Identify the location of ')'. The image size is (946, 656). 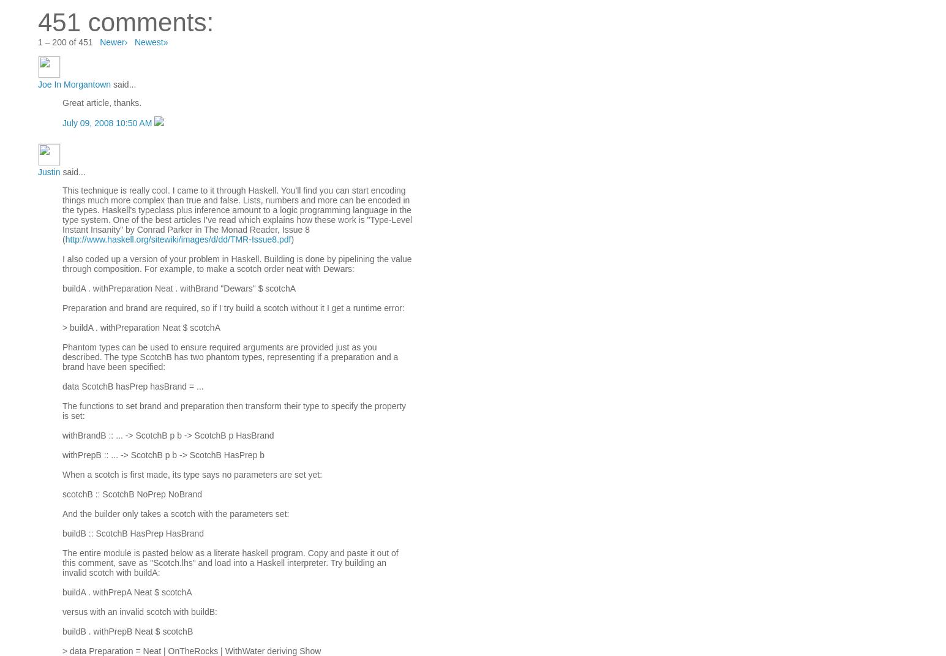
(292, 239).